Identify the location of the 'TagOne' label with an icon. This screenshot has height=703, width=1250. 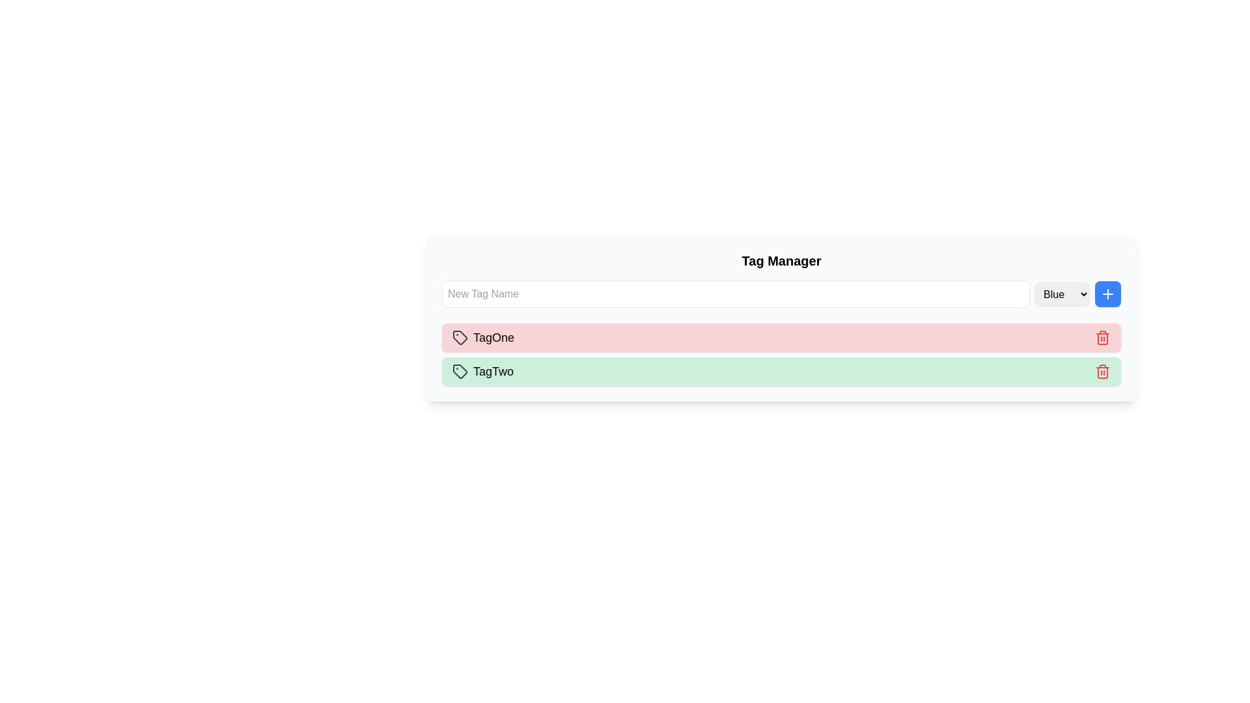
(482, 337).